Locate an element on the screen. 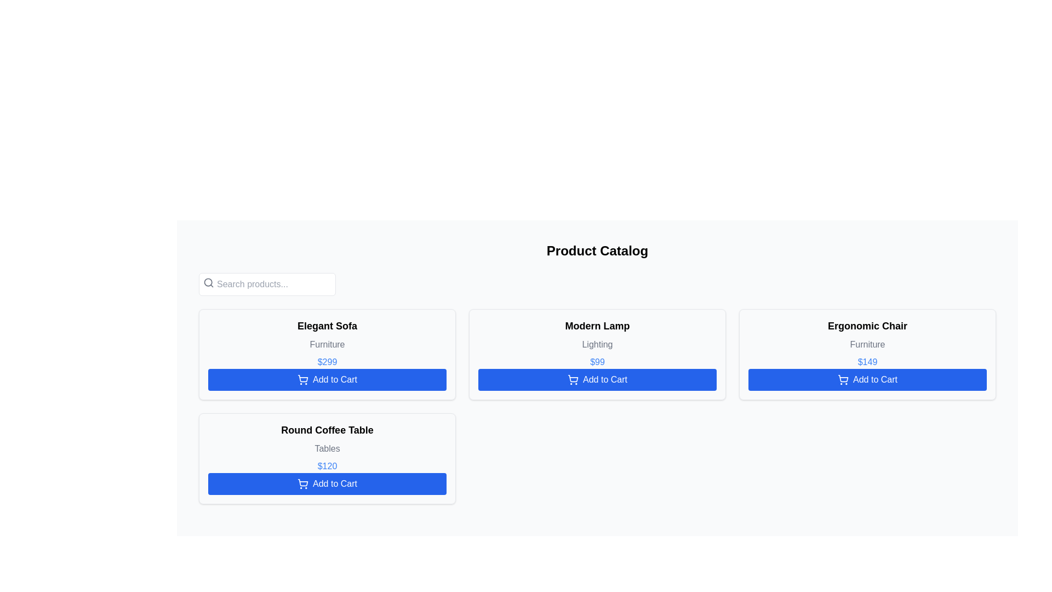 This screenshot has height=592, width=1052. the shopping cart icon, which is styled in an outline format and located to the left of the 'Add to Cart' text within the blue button of the 'Ergonomic Chair' product card is located at coordinates (843, 378).